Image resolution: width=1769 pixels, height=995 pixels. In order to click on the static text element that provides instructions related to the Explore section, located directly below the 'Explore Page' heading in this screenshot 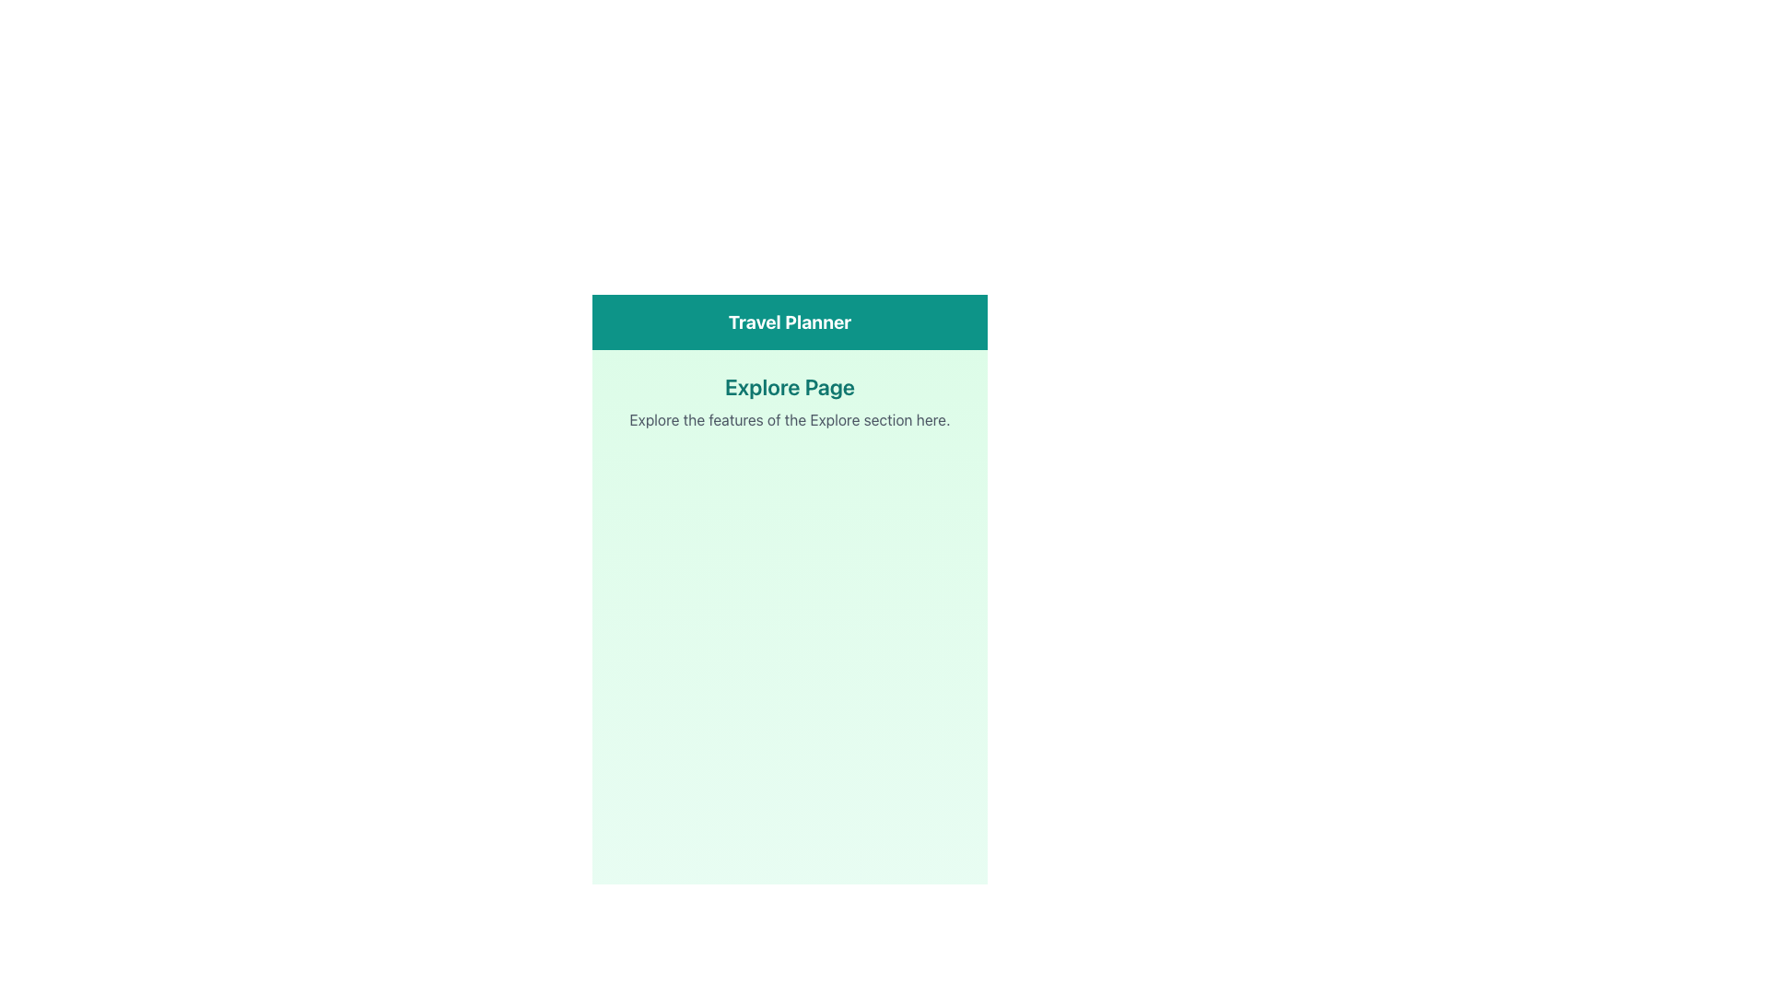, I will do `click(790, 419)`.